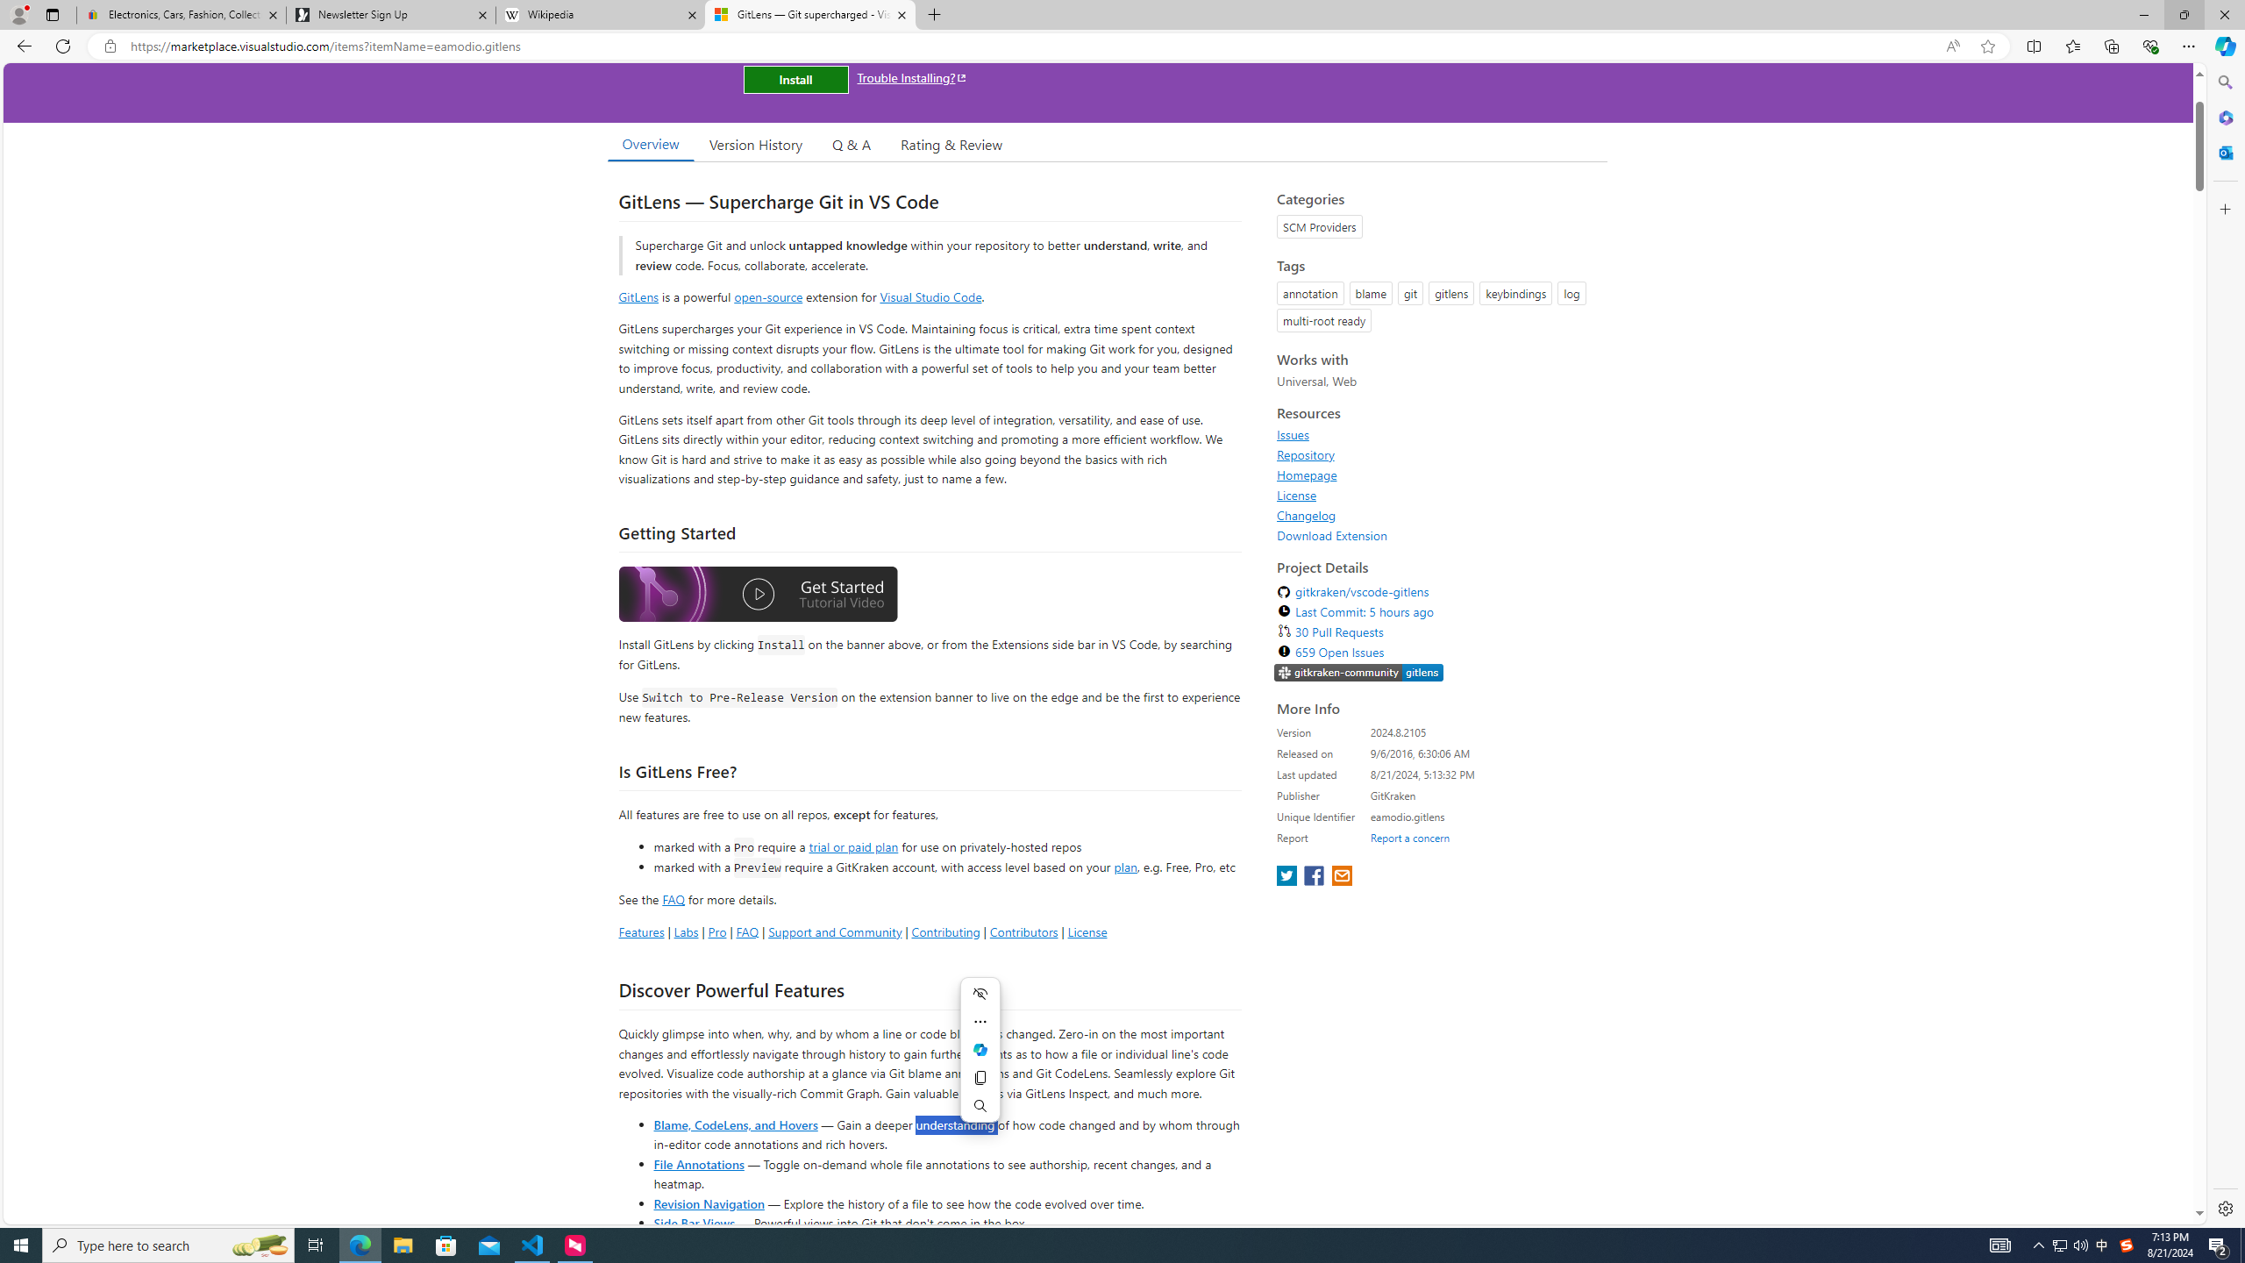  Describe the element at coordinates (979, 1021) in the screenshot. I see `'More actions'` at that location.